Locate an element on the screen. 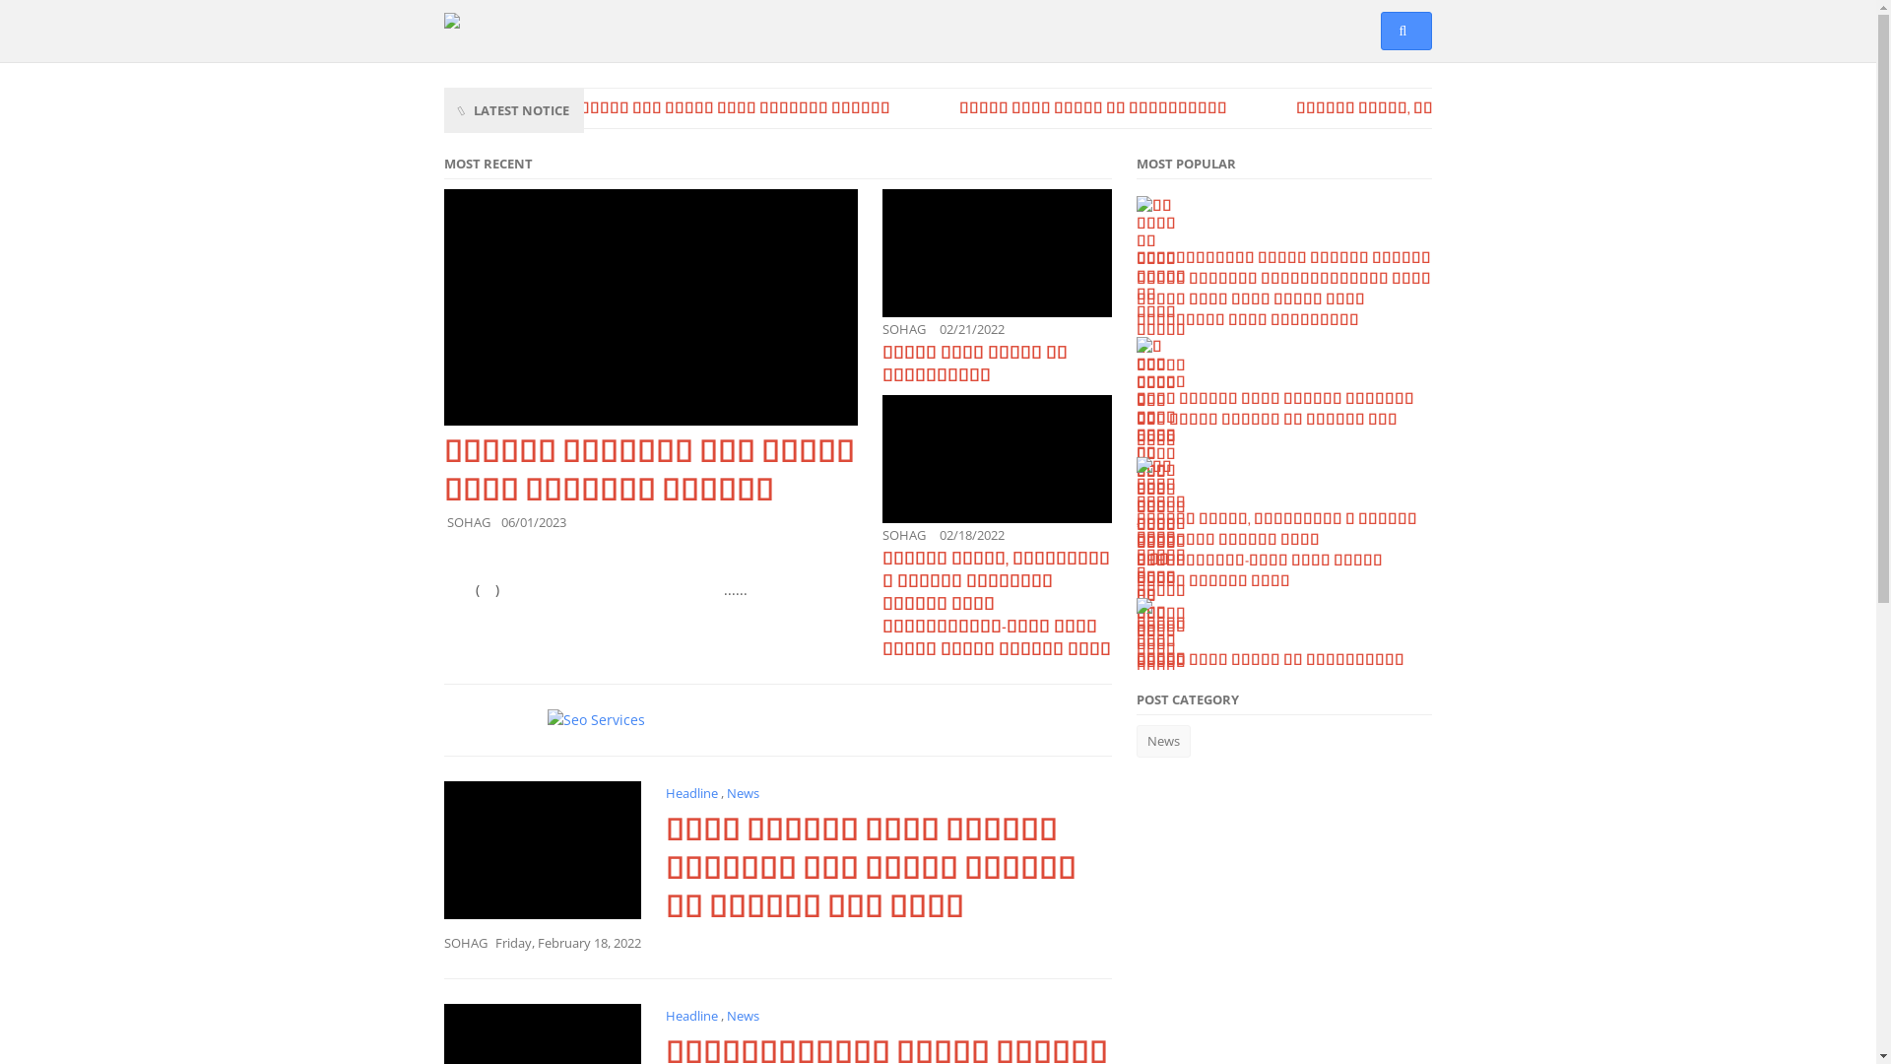 Image resolution: width=1891 pixels, height=1064 pixels. 'News' is located at coordinates (1163, 741).